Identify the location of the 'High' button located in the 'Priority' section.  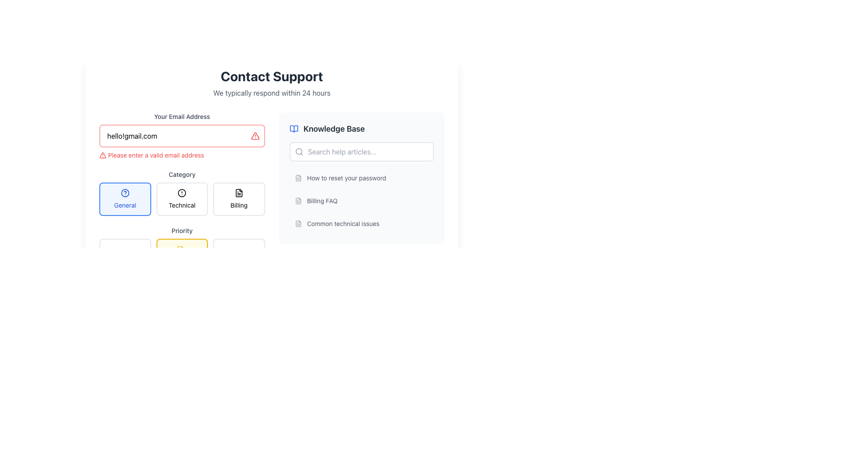
(239, 254).